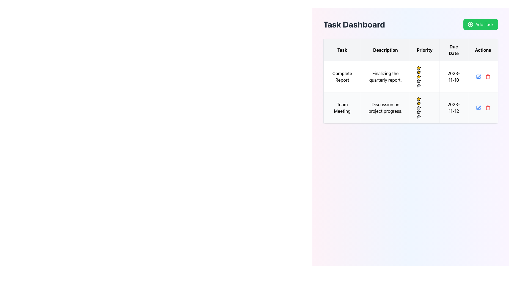 The image size is (528, 297). I want to click on the 'Priority' column header text label, which is the third column header in the table, positioned between the 'Description' and 'Due Date' columns, so click(424, 50).